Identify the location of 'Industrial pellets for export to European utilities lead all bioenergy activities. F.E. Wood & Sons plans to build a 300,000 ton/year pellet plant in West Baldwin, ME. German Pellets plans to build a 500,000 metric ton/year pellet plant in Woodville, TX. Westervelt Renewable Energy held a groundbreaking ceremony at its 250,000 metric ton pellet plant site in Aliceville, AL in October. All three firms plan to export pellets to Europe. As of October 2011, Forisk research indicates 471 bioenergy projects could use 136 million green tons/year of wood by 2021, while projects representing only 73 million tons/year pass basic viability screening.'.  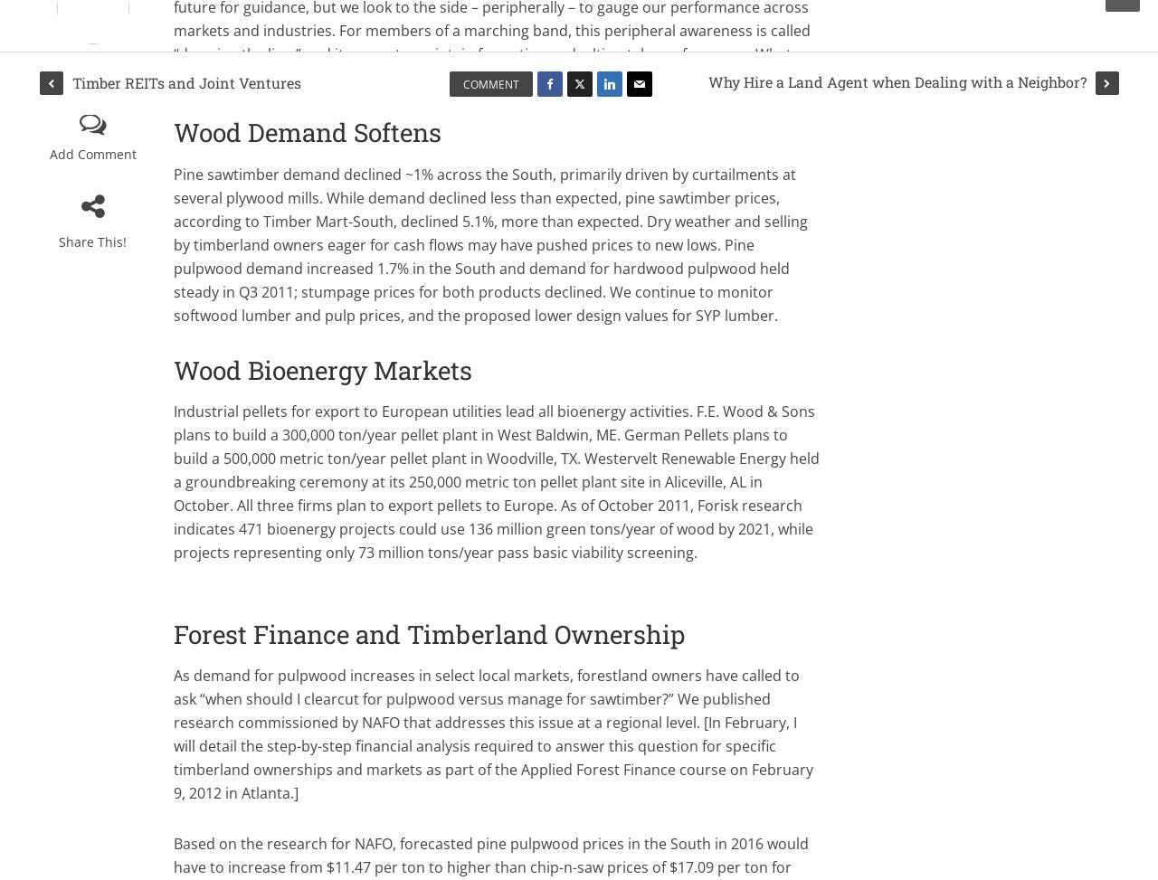
(496, 480).